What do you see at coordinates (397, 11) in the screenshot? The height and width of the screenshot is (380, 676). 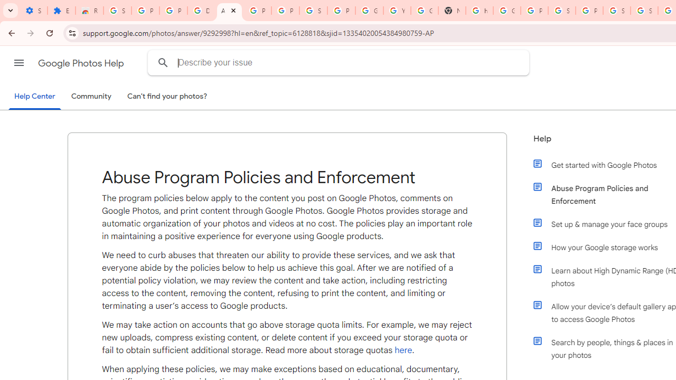 I see `'YouTube'` at bounding box center [397, 11].